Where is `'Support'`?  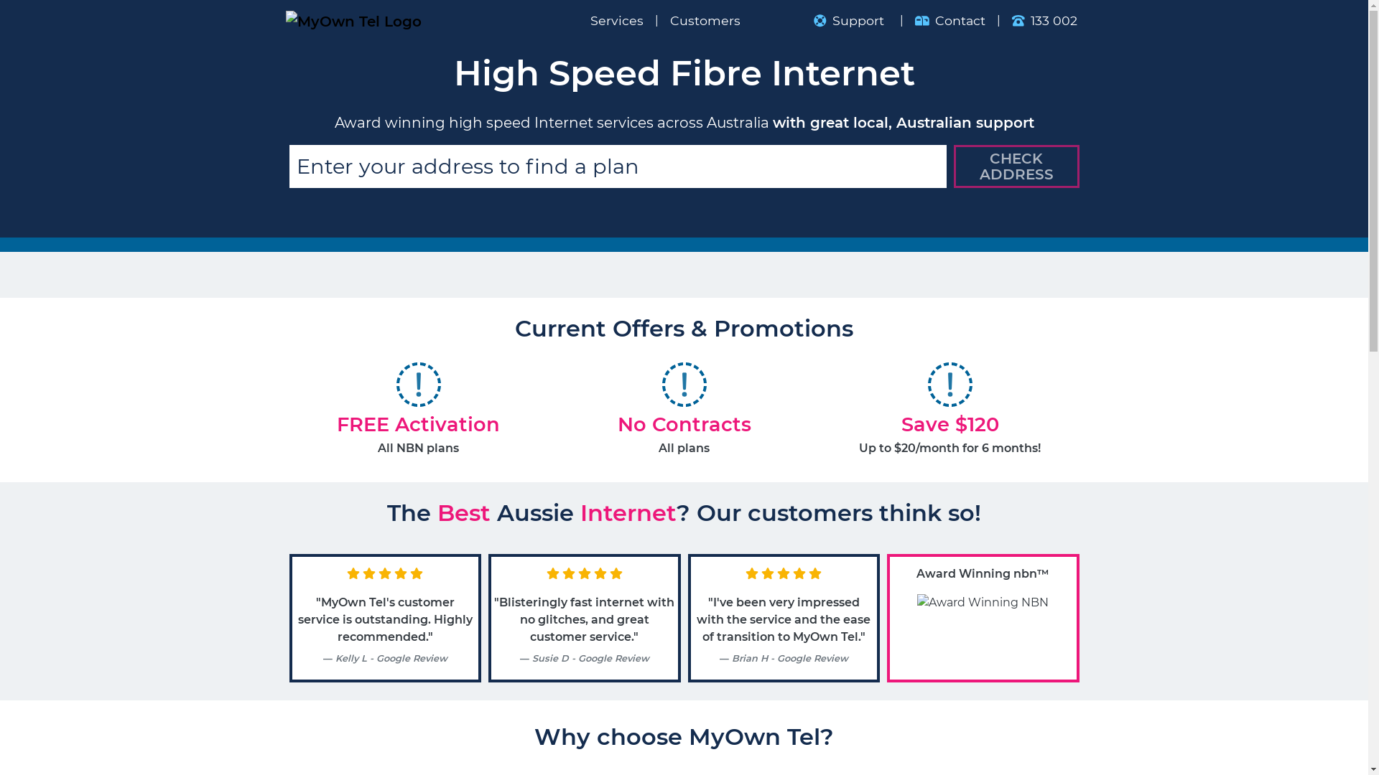 'Support' is located at coordinates (851, 21).